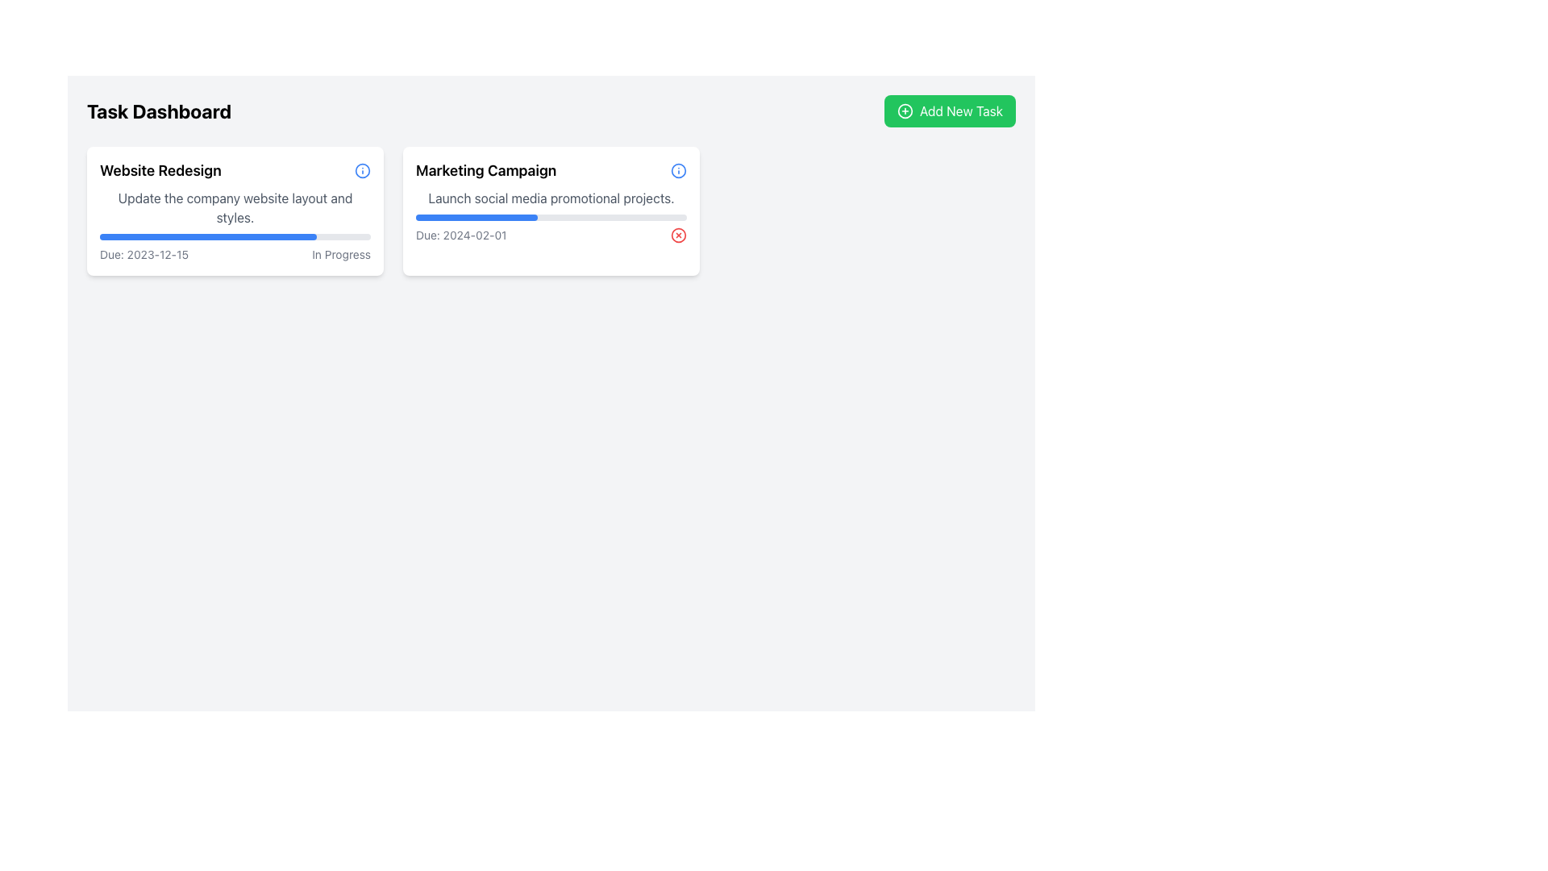 This screenshot has height=871, width=1548. I want to click on text from the Text Label displaying 'Task Dashboard' located at the top-left area of the interface, so click(159, 110).